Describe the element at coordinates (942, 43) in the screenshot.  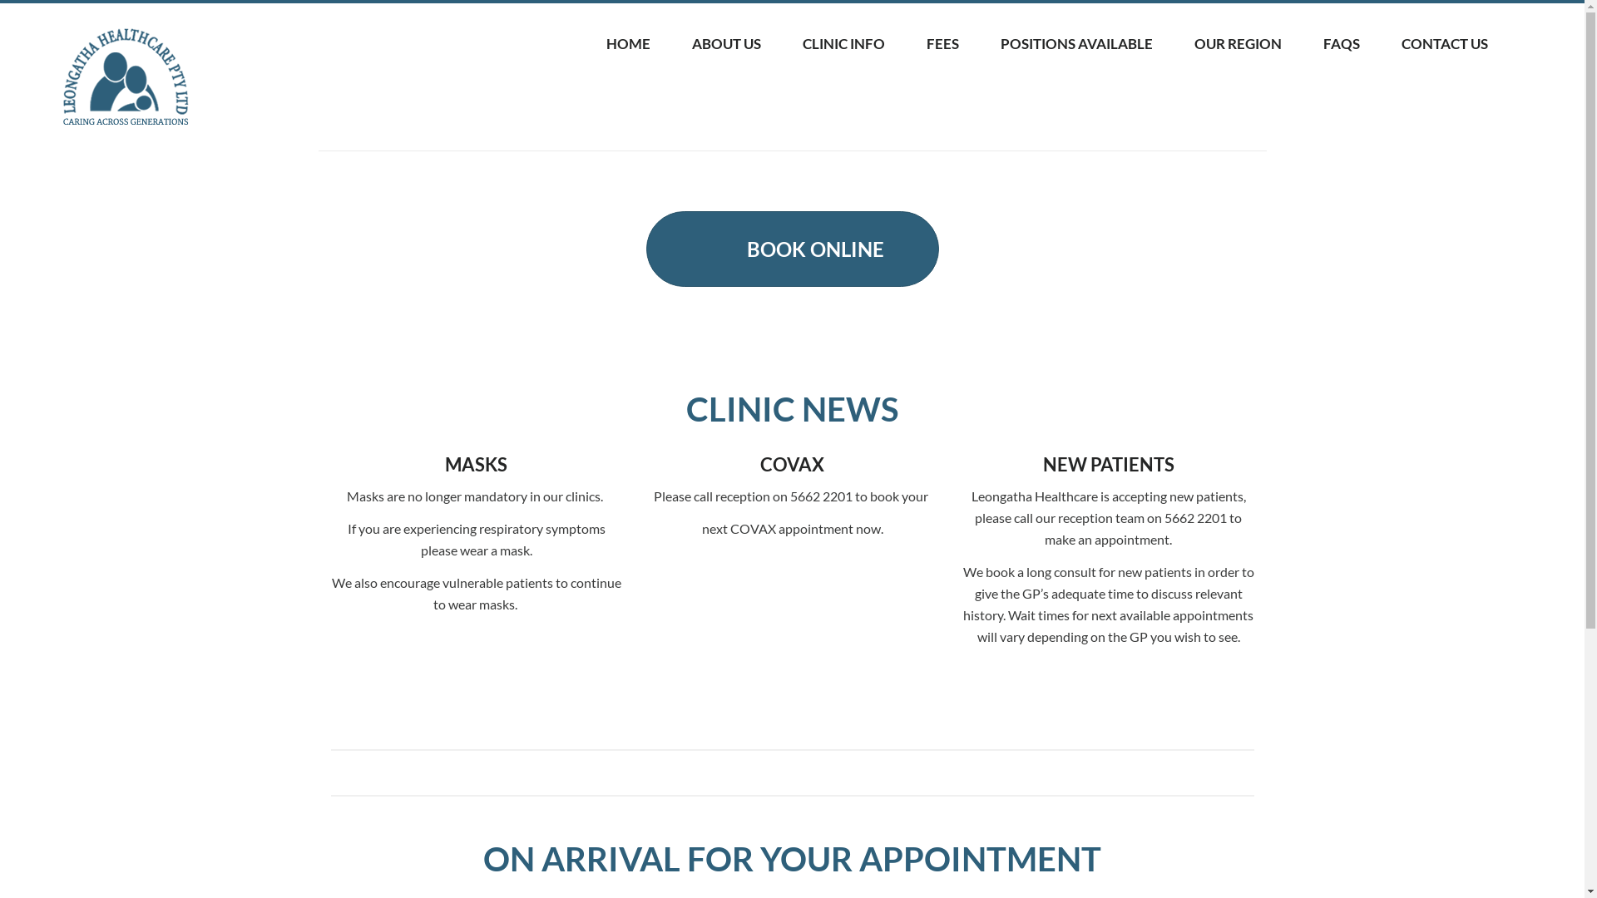
I see `'FEES'` at that location.